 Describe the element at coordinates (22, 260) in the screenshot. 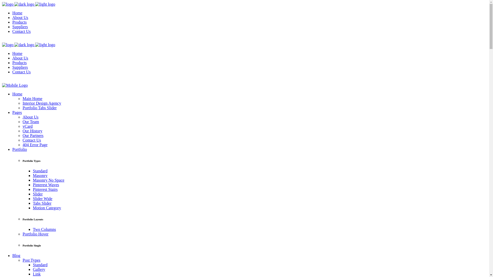

I see `'Post Types'` at that location.